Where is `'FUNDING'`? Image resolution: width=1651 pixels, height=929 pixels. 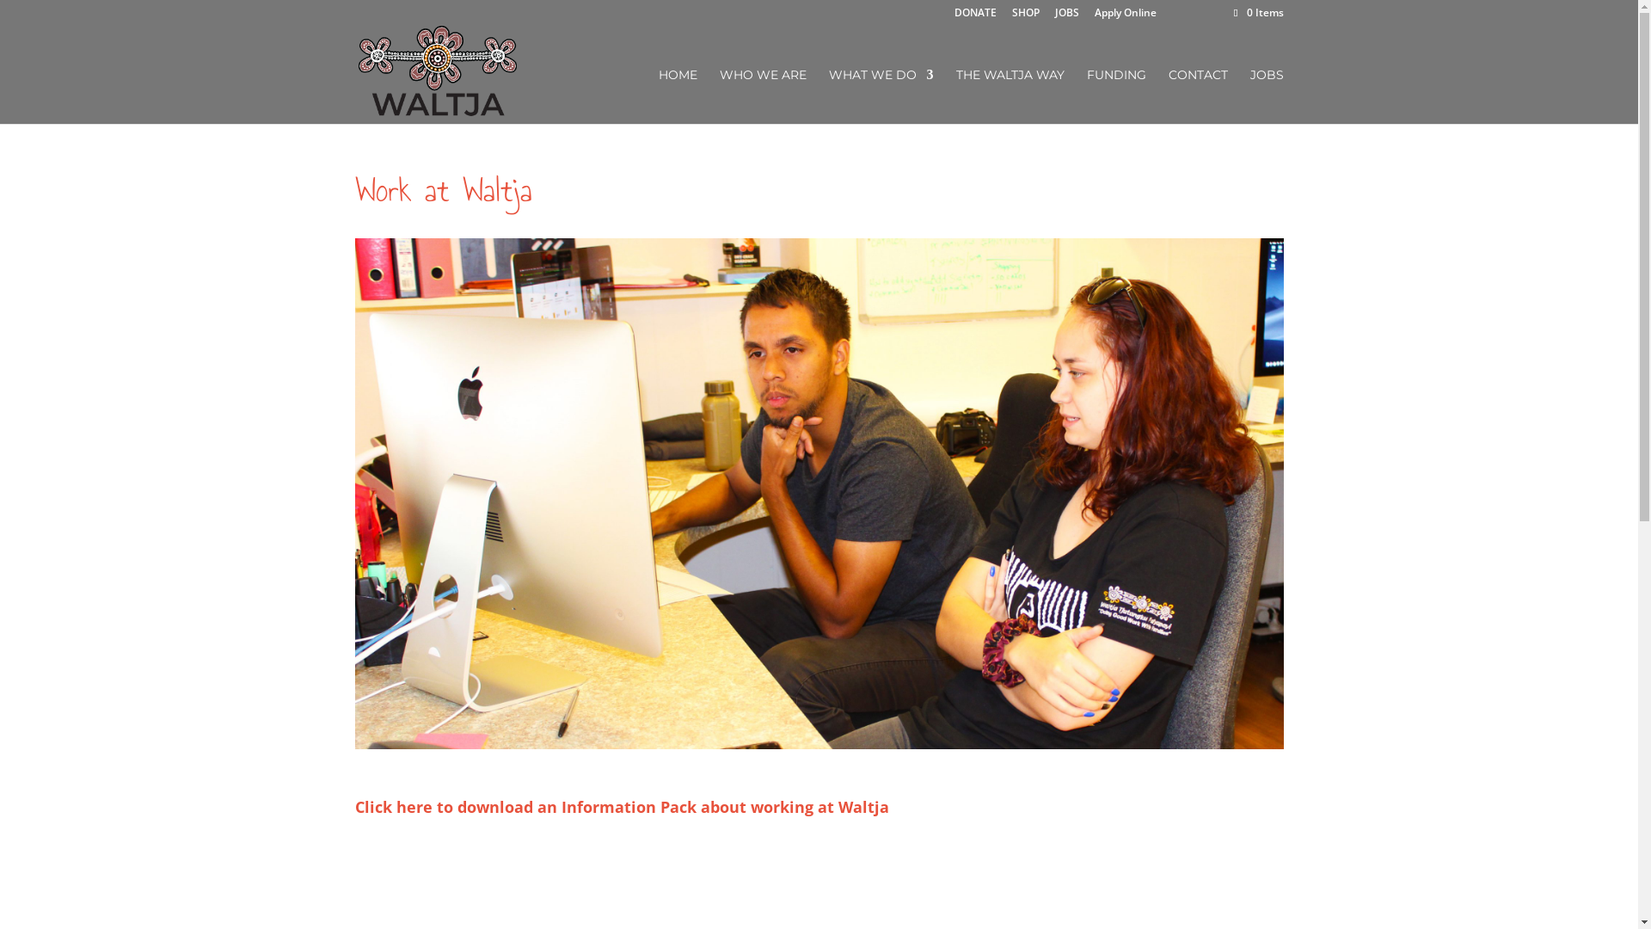 'FUNDING' is located at coordinates (1116, 95).